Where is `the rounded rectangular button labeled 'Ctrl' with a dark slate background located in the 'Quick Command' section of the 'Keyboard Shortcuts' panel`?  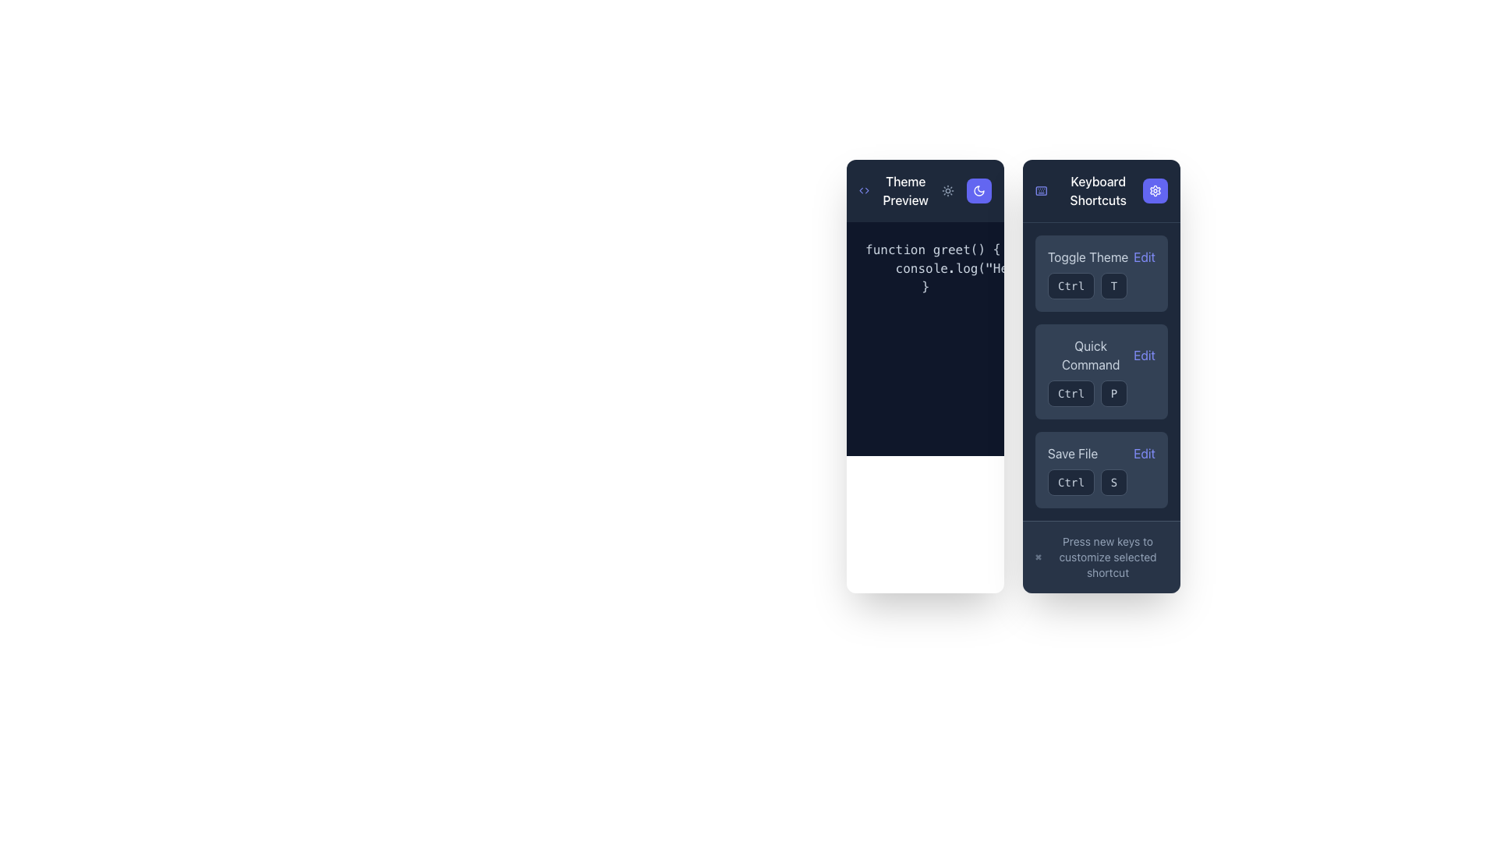 the rounded rectangular button labeled 'Ctrl' with a dark slate background located in the 'Quick Command' section of the 'Keyboard Shortcuts' panel is located at coordinates (1070, 393).